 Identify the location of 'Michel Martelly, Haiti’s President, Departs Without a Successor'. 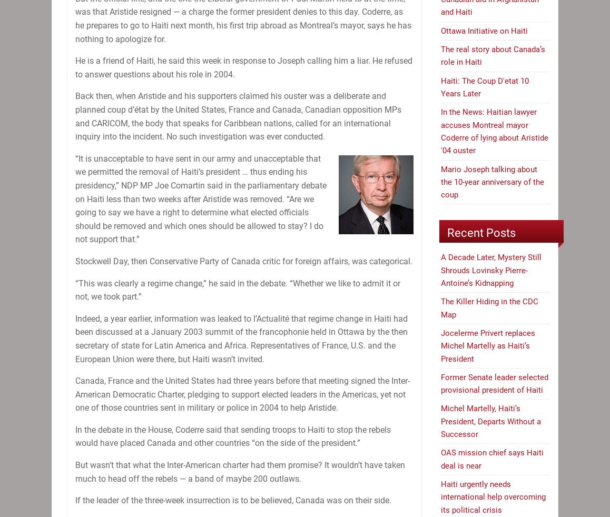
(490, 421).